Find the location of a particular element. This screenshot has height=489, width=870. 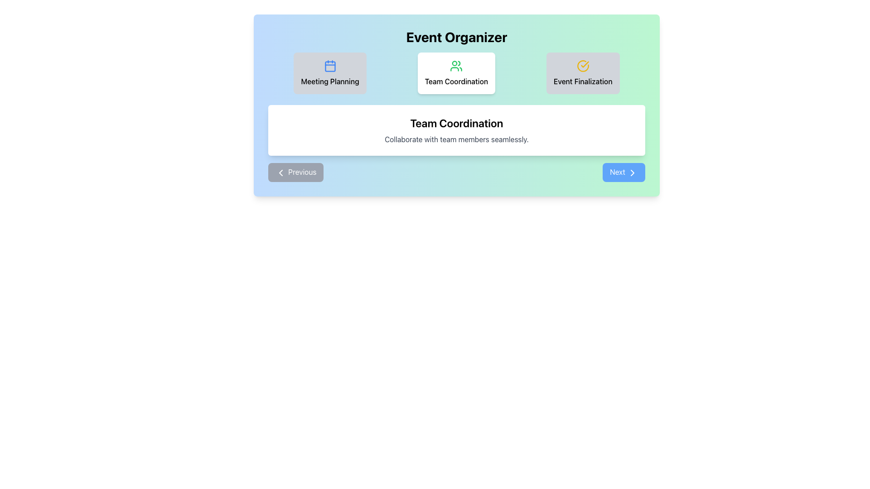

the calendar icon, which is styled with blue lines and rounded edges, located at the top-left of the gray box labeled 'Meeting Planning' is located at coordinates (329, 66).